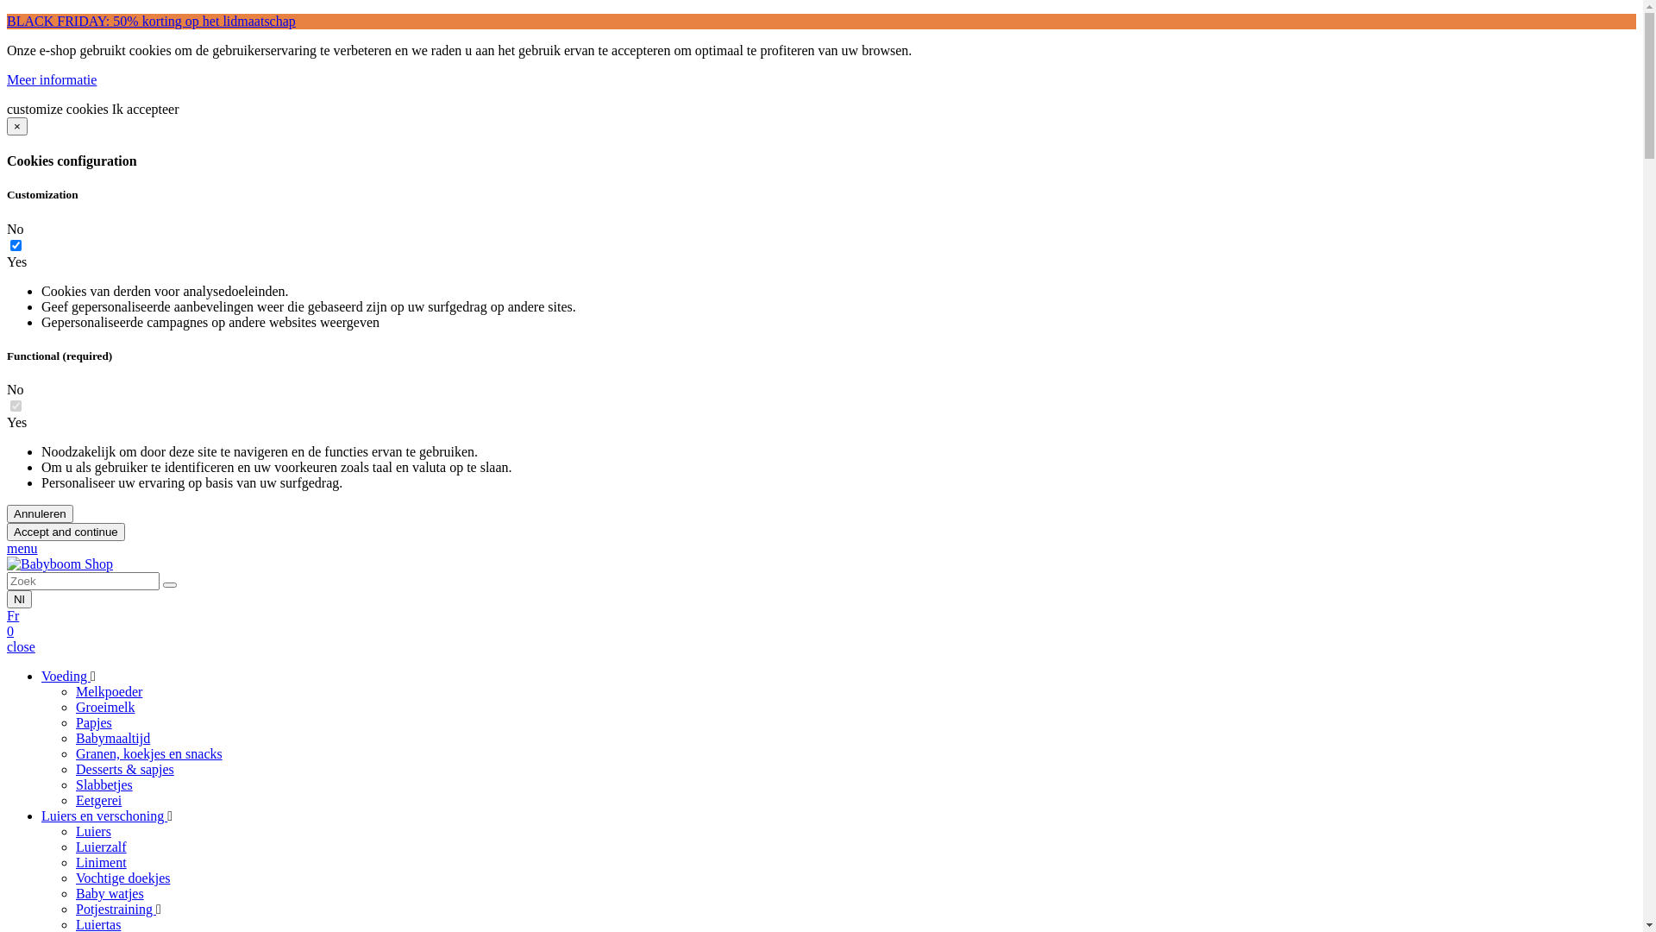  Describe the element at coordinates (103, 784) in the screenshot. I see `'Slabbetjes'` at that location.